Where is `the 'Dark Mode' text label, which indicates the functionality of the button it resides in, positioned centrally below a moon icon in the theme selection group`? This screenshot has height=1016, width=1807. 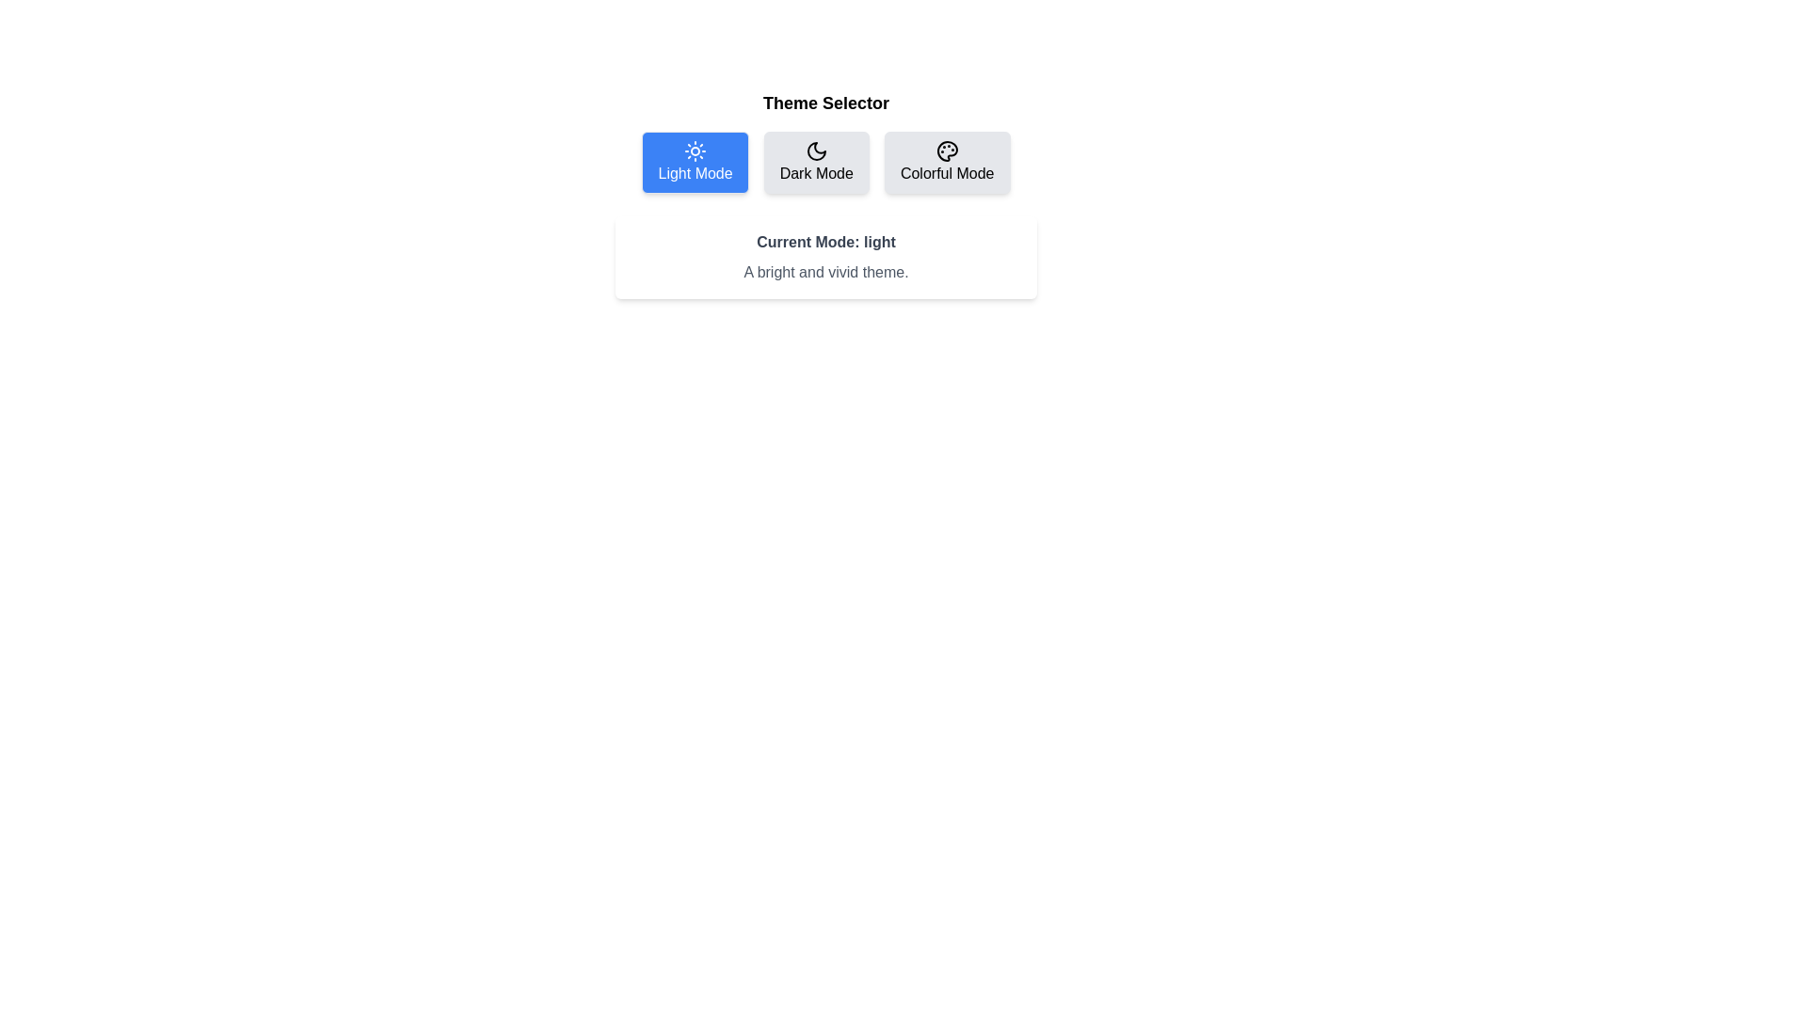
the 'Dark Mode' text label, which indicates the functionality of the button it resides in, positioned centrally below a moon icon in the theme selection group is located at coordinates (816, 174).